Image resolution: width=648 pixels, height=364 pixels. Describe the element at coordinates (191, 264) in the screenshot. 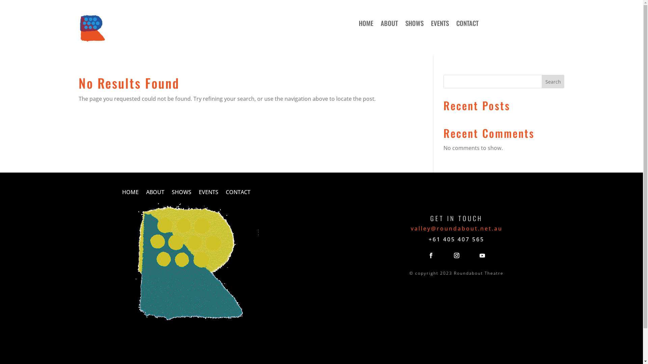

I see `'logo-animation-clear'` at that location.